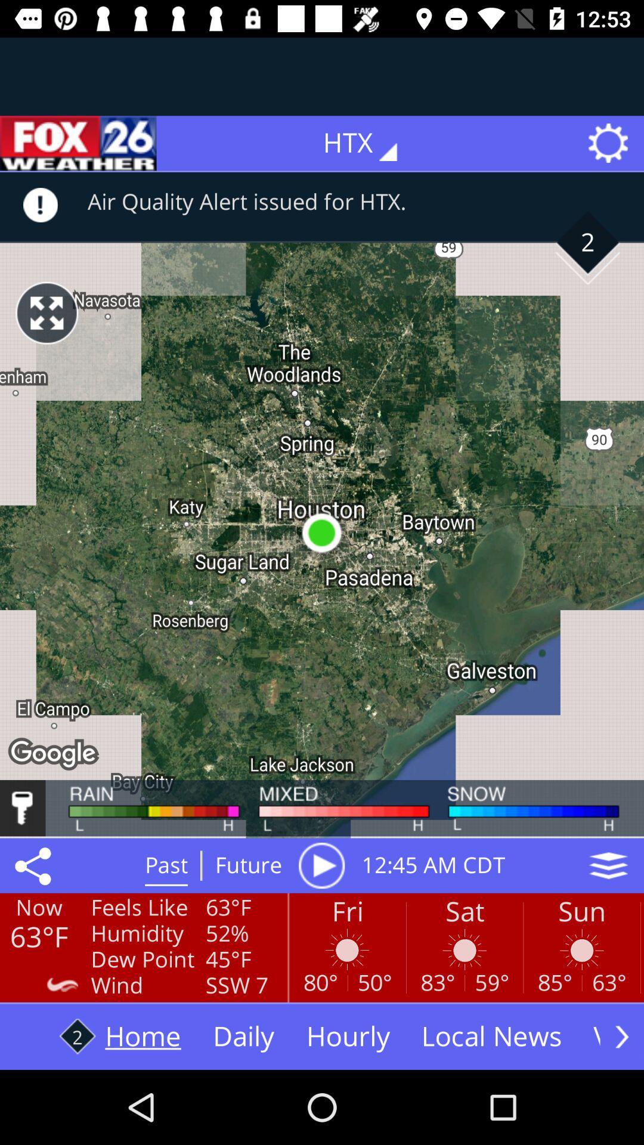 This screenshot has height=1145, width=644. What do you see at coordinates (46, 312) in the screenshot?
I see `the icon to the left of the 2` at bounding box center [46, 312].